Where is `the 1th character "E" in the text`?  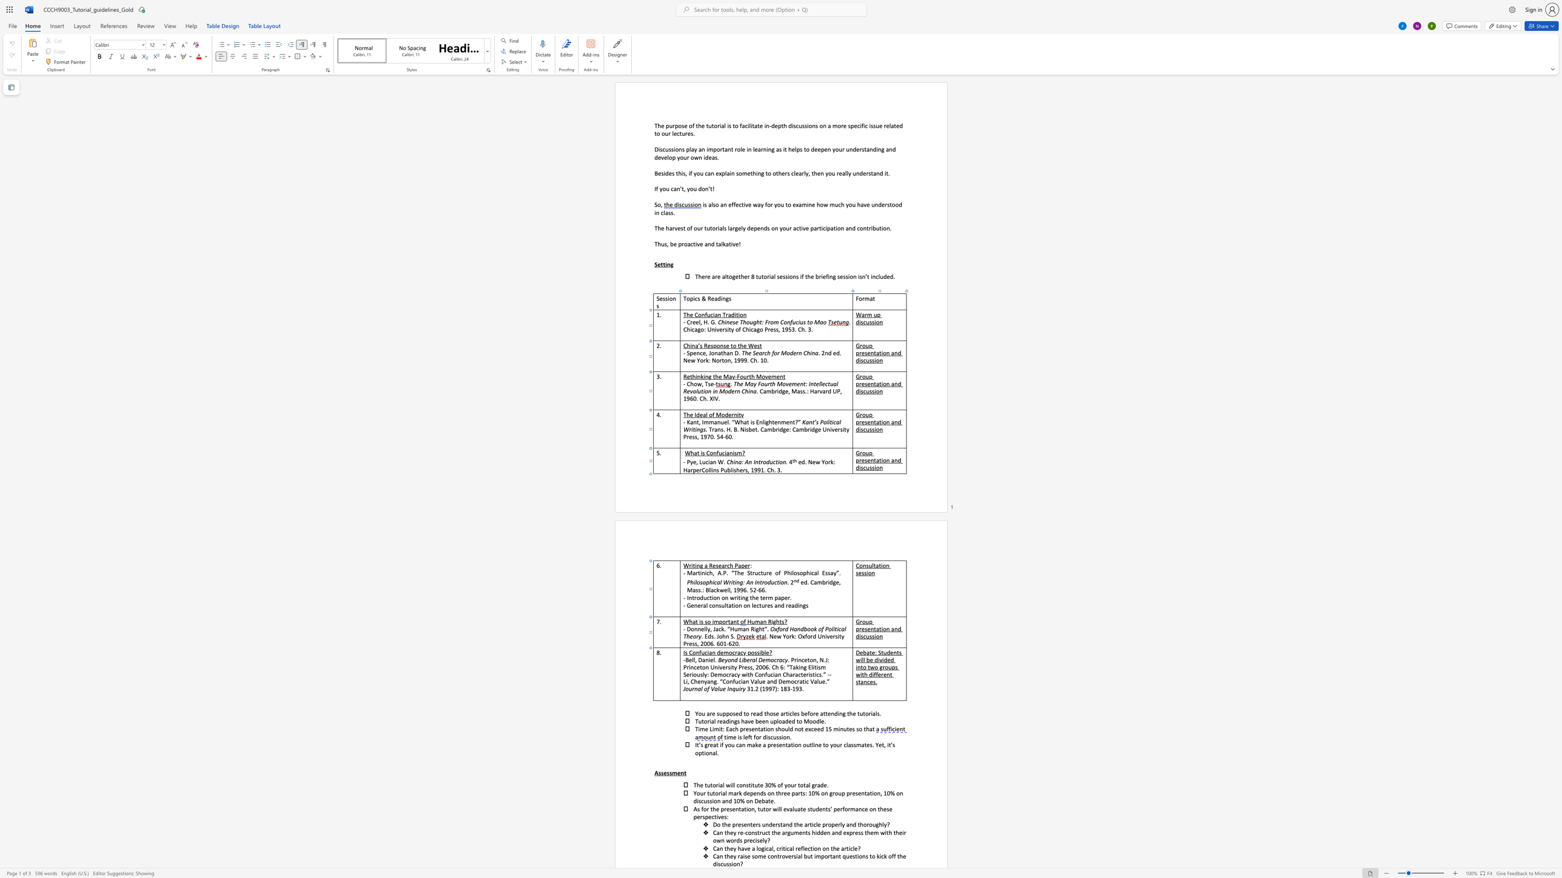
the 1th character "E" in the text is located at coordinates (706, 636).